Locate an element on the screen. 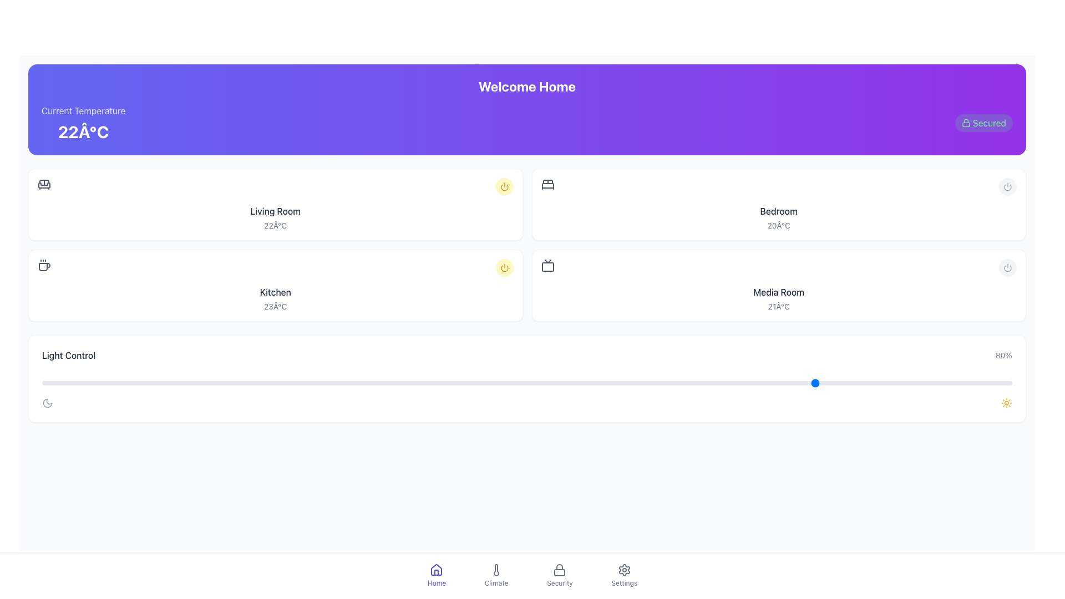 The width and height of the screenshot is (1065, 599). the power button icon, which is represented by a circular outline with a vertical line segment inside is located at coordinates (1008, 186).